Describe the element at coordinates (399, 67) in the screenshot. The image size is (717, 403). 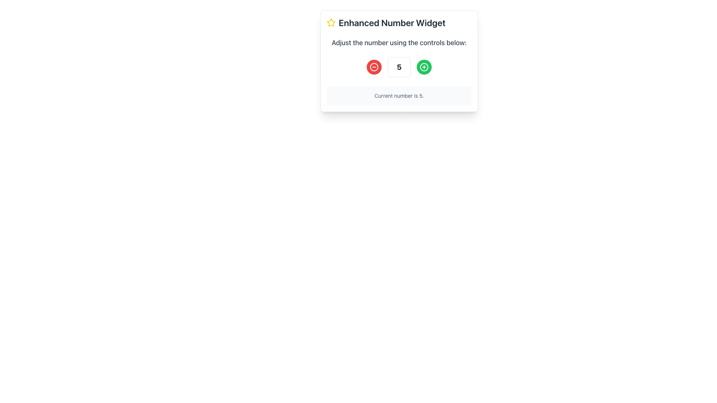
I see `the Text Display element that shows the current numeric value in the Enhanced Number Widget, located between the red '-' button and the green '+' button` at that location.